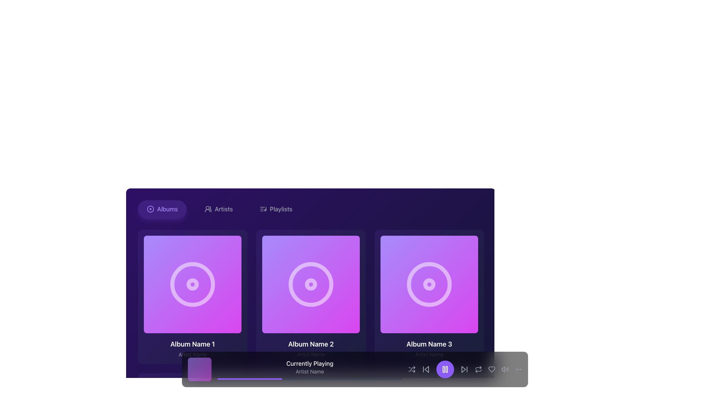 Image resolution: width=710 pixels, height=399 pixels. I want to click on the Text label that displays the name of the album, located in the lower section of the third album card, below the circular artwork and above the artist name, so click(429, 344).